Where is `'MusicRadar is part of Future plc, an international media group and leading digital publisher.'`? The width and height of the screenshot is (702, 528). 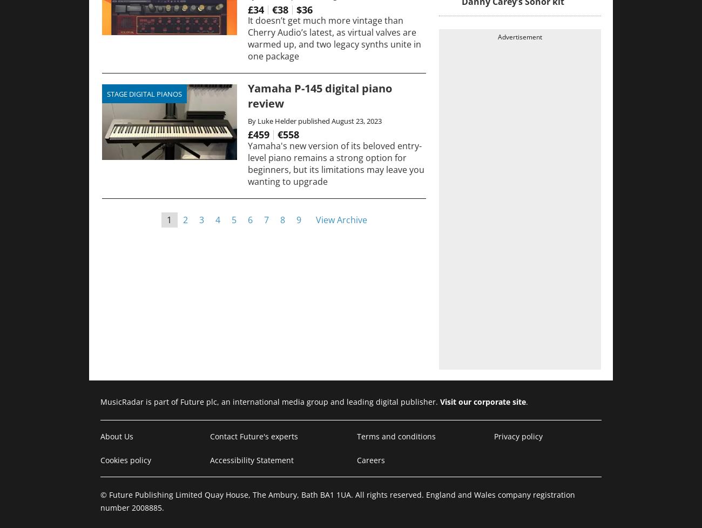 'MusicRadar is part of Future plc, an international media group and leading digital publisher.' is located at coordinates (270, 402).